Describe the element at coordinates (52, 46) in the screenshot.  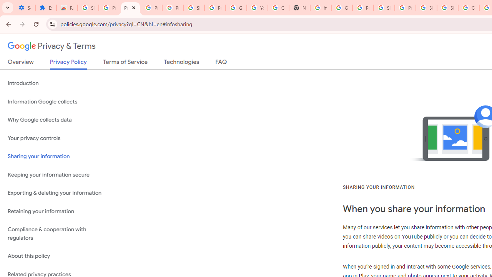
I see `'Privacy & Terms'` at that location.